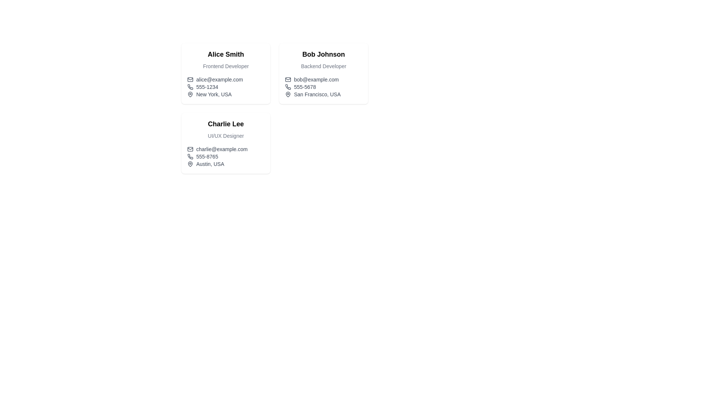 The image size is (711, 400). Describe the element at coordinates (221, 149) in the screenshot. I see `the email address text node for Charlie Lee, located in the lower section of the card` at that location.